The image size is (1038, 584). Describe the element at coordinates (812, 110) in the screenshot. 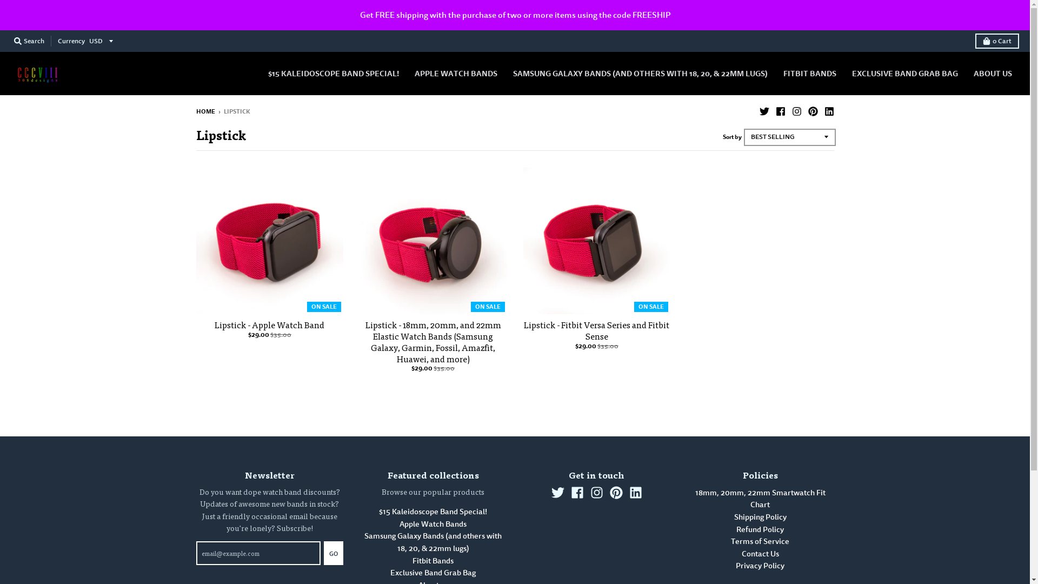

I see `'Pinterest - 308designs - CCCVIII'` at that location.